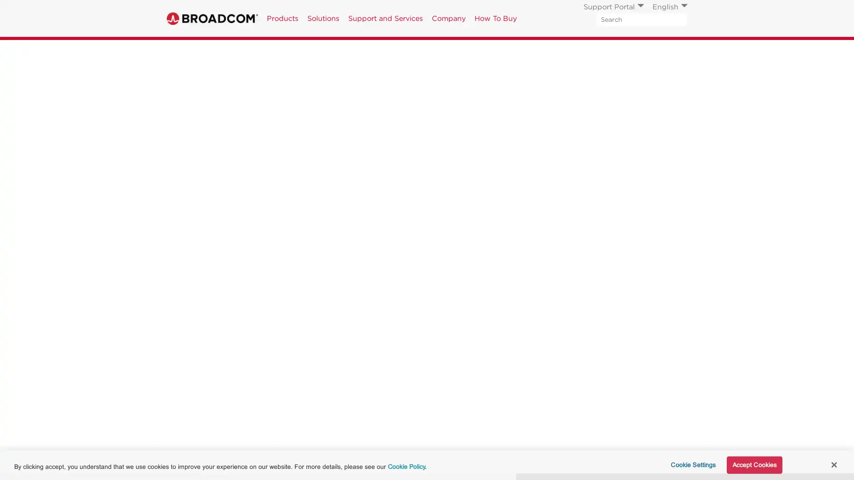 This screenshot has width=854, height=480. I want to click on Products, so click(282, 18).